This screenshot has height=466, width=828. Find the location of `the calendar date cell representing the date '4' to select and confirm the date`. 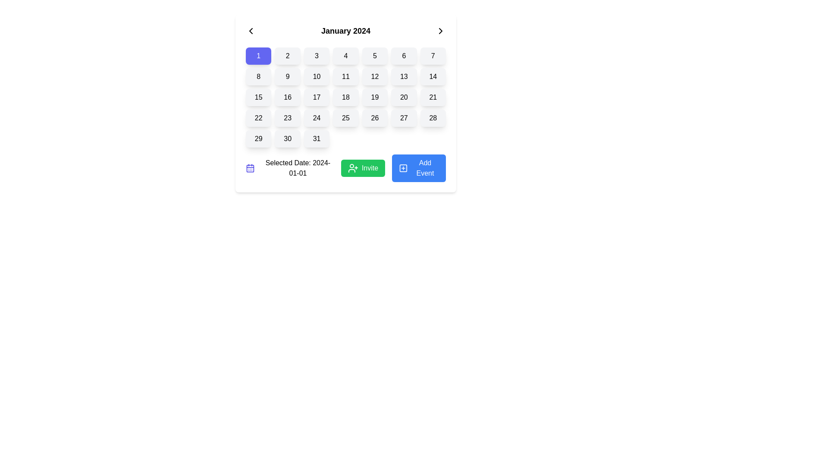

the calendar date cell representing the date '4' to select and confirm the date is located at coordinates (345, 56).